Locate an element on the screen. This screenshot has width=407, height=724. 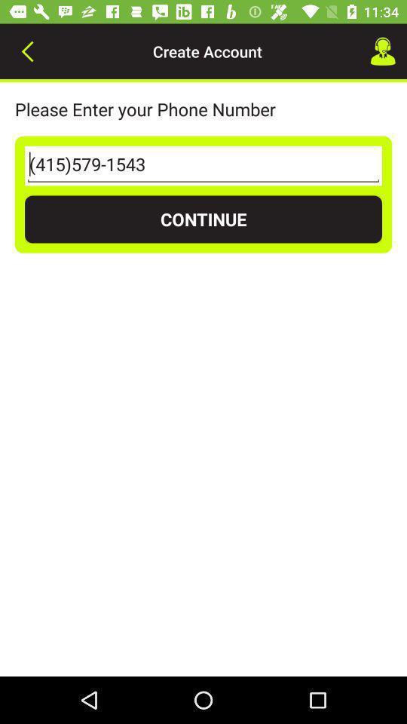
continue item is located at coordinates (203, 218).